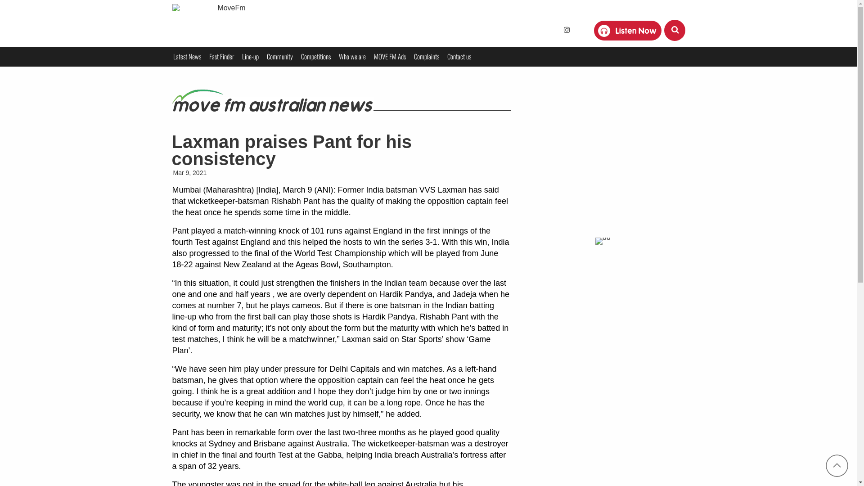  I want to click on 'Latest News', so click(187, 57).